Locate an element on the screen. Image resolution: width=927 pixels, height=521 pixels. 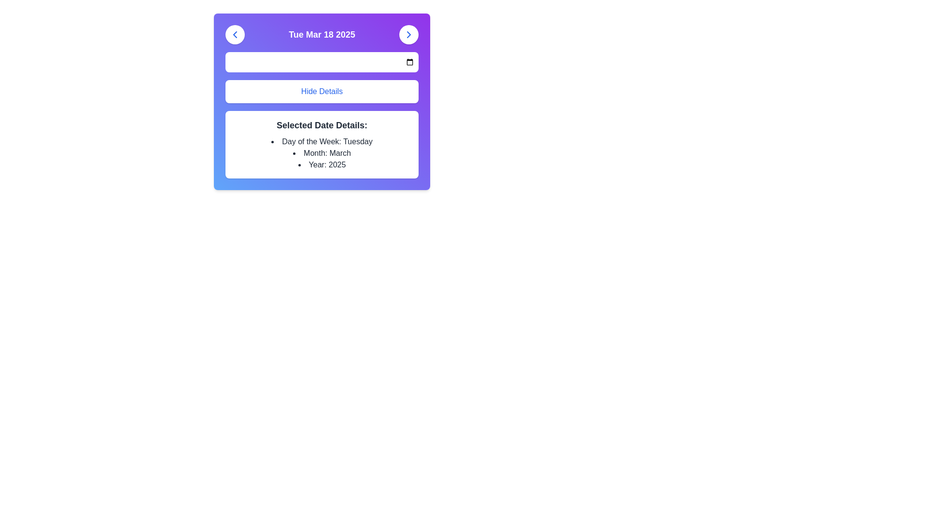
the button with a leftward-pointing chevron icon, which is located at the top-left corner of a card interface is located at coordinates (235, 34).